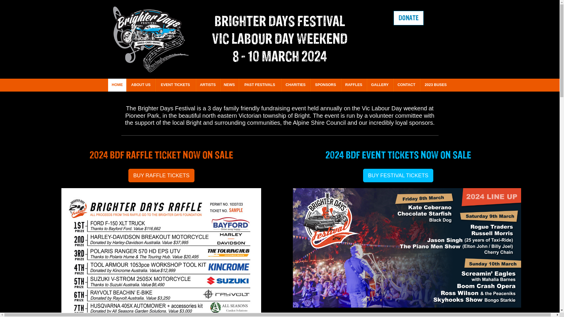 This screenshot has height=317, width=564. I want to click on 'CHARITIES', so click(296, 85).